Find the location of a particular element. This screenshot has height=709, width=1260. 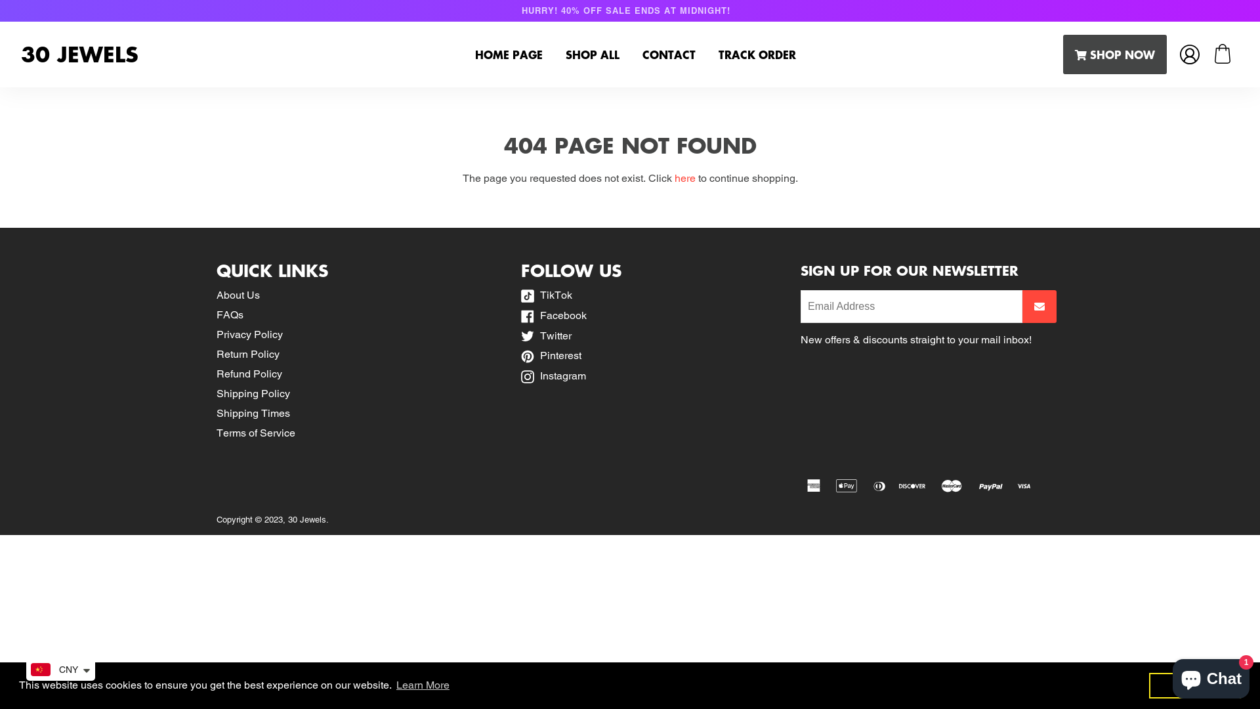

'Instagram' is located at coordinates (553, 376).